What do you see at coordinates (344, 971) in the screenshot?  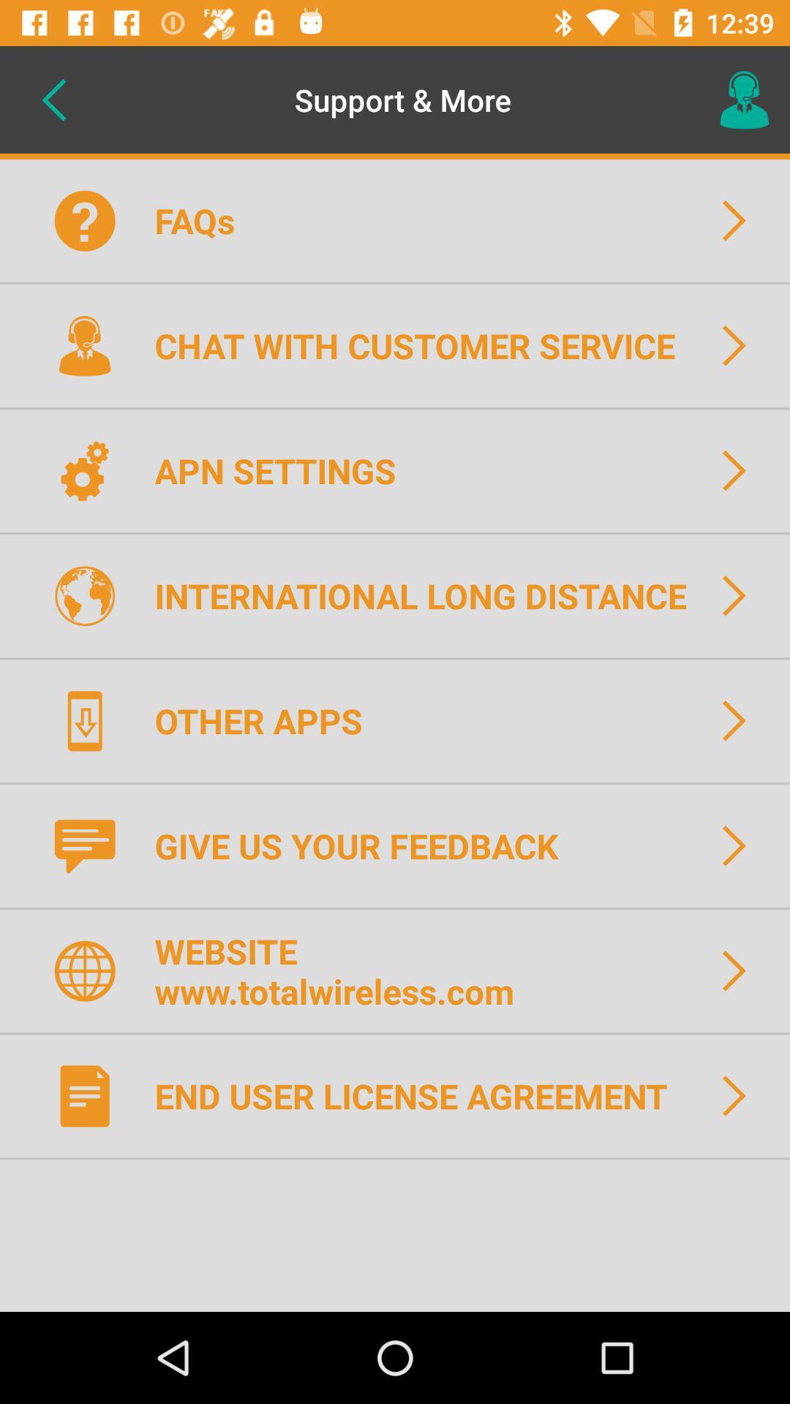 I see `the website www totalwireless item` at bounding box center [344, 971].